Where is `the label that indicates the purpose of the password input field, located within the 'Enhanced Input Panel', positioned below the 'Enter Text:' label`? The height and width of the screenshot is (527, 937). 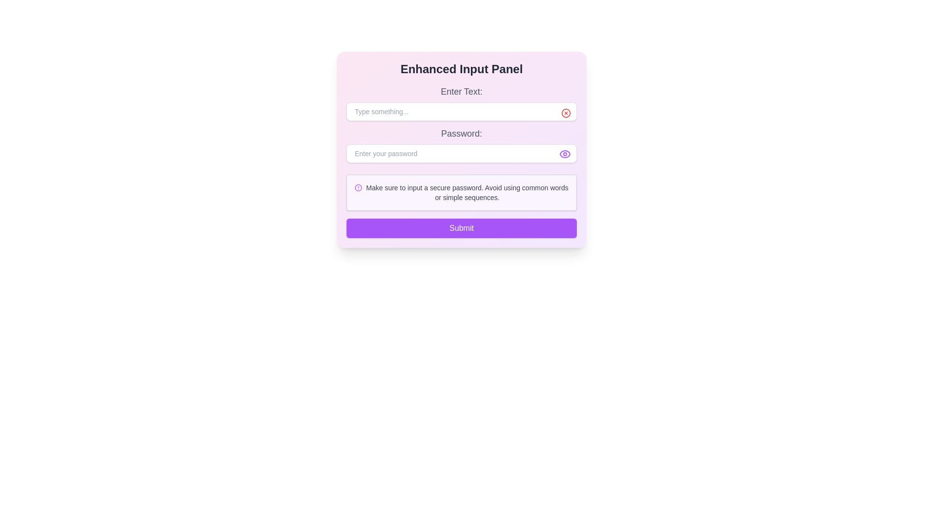 the label that indicates the purpose of the password input field, located within the 'Enhanced Input Panel', positioned below the 'Enter Text:' label is located at coordinates (461, 133).